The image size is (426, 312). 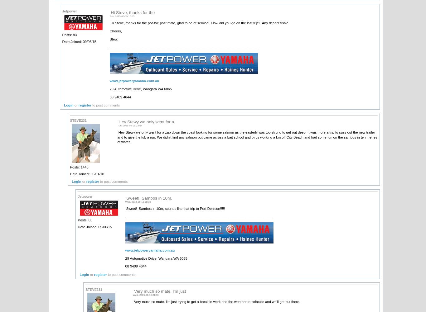 What do you see at coordinates (175, 208) in the screenshot?
I see `'Sweet!  Sambos in 10m, sounds like that trip to Port Denison!!!!!'` at bounding box center [175, 208].